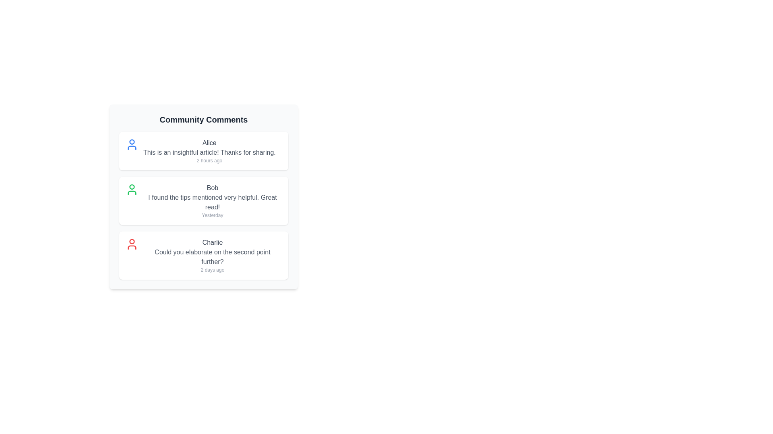 The image size is (773, 434). Describe the element at coordinates (132, 189) in the screenshot. I see `the avatar of Bob to view their profile` at that location.